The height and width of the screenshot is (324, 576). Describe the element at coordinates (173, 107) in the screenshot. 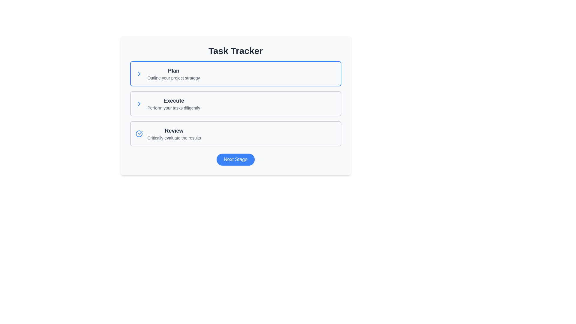

I see `the Text Label that provides instructions related to the 'Execute' stage, located centrally beneath the 'Execute' title` at that location.